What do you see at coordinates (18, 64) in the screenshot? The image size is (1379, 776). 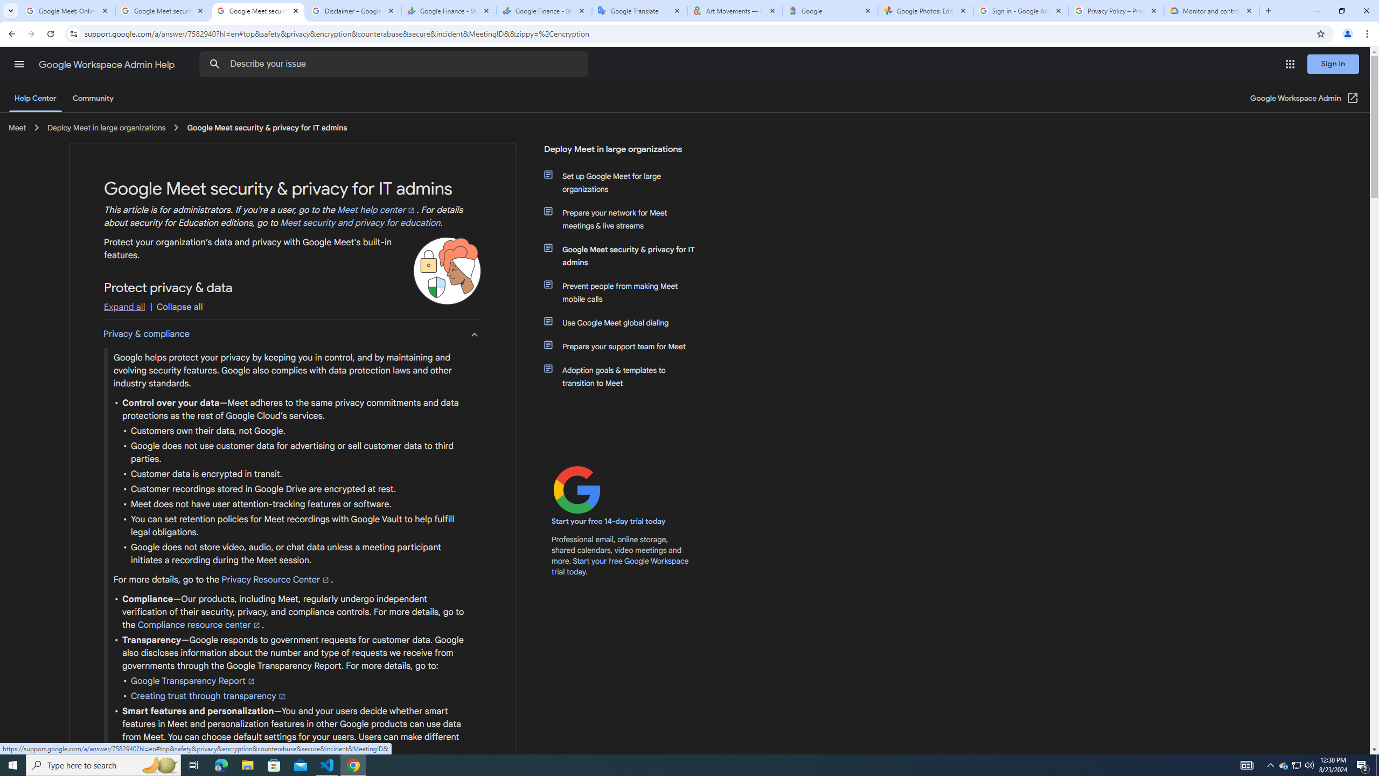 I see `'Main menu'` at bounding box center [18, 64].